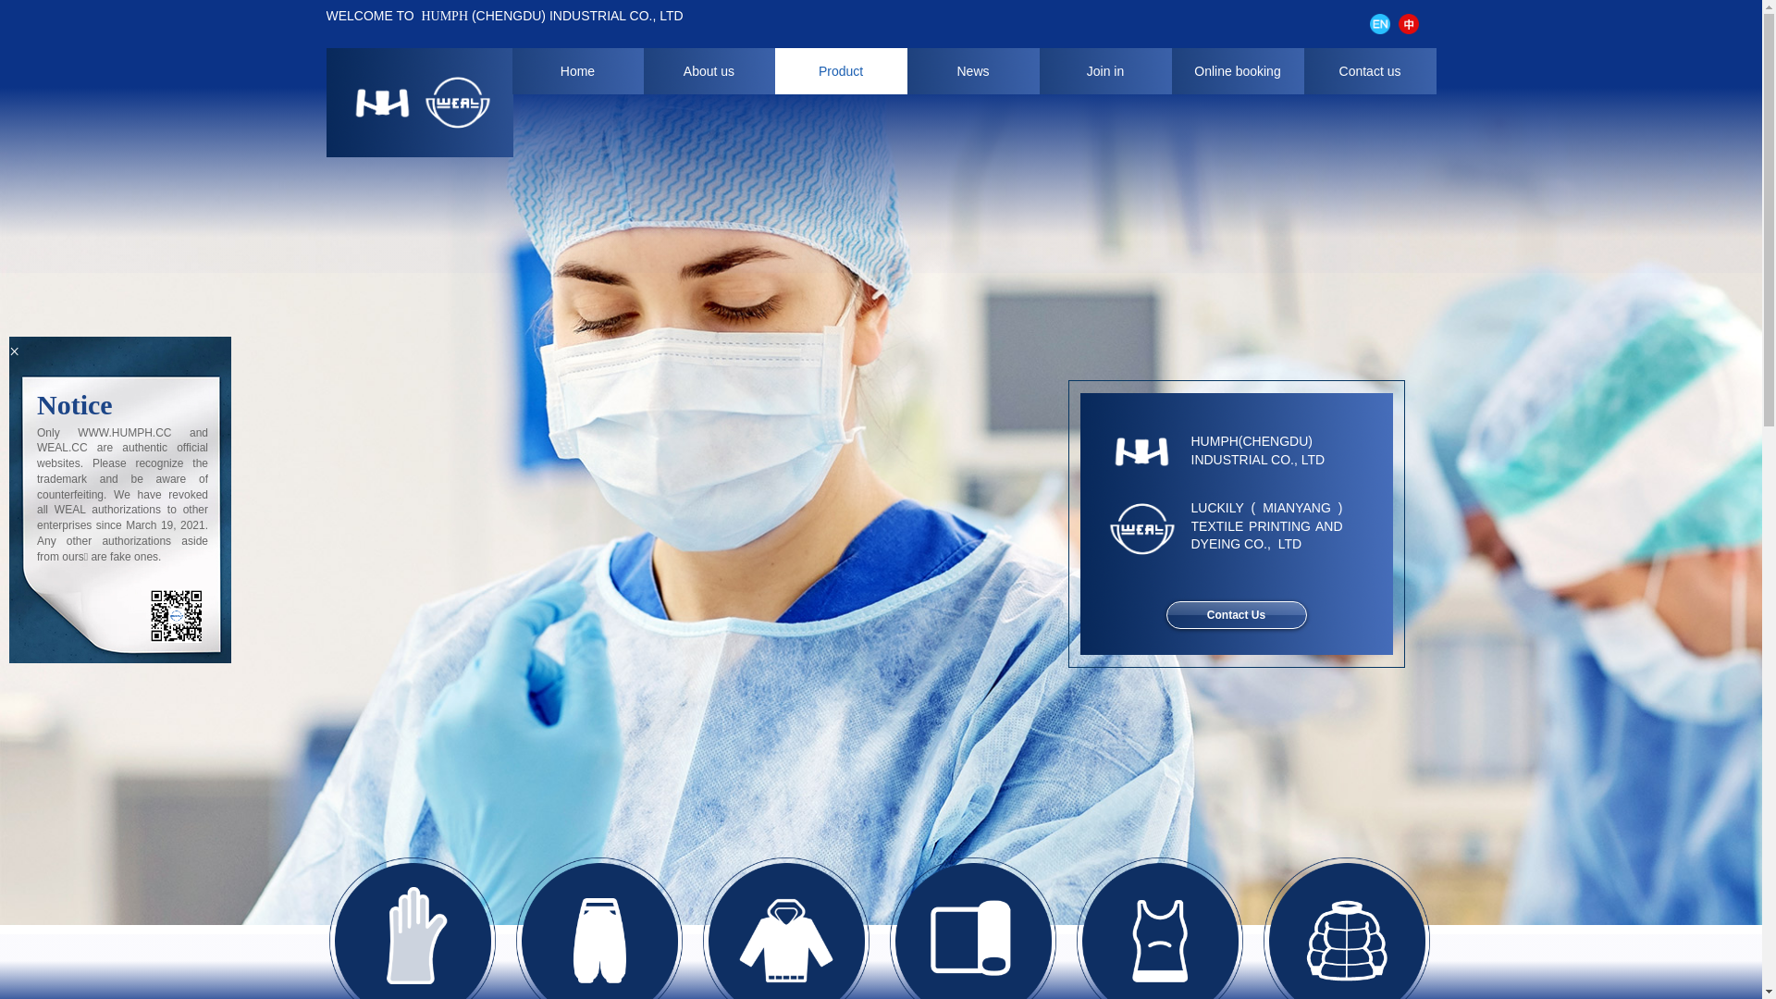 The height and width of the screenshot is (999, 1776). Describe the element at coordinates (1235, 614) in the screenshot. I see `'Contact Us'` at that location.